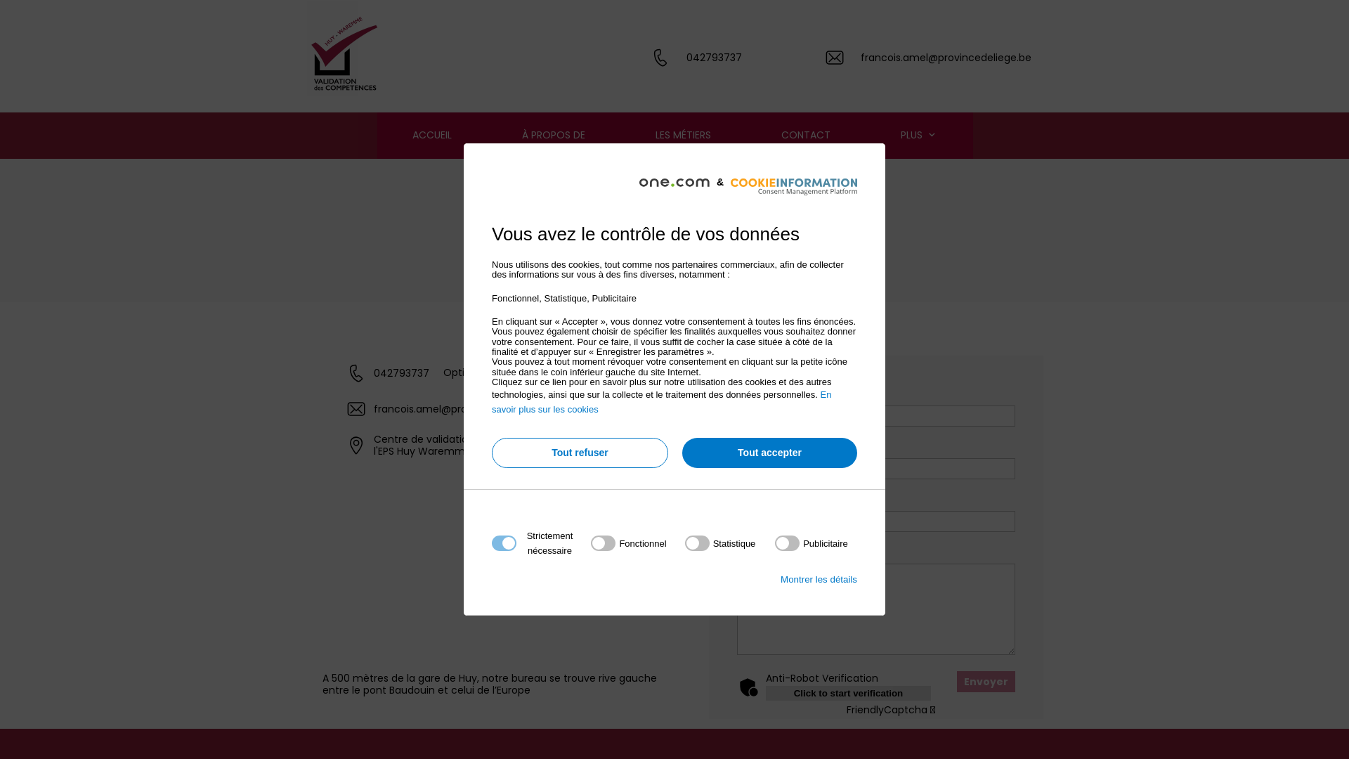 This screenshot has height=759, width=1349. Describe the element at coordinates (377, 135) in the screenshot. I see `'ACCUEIL'` at that location.